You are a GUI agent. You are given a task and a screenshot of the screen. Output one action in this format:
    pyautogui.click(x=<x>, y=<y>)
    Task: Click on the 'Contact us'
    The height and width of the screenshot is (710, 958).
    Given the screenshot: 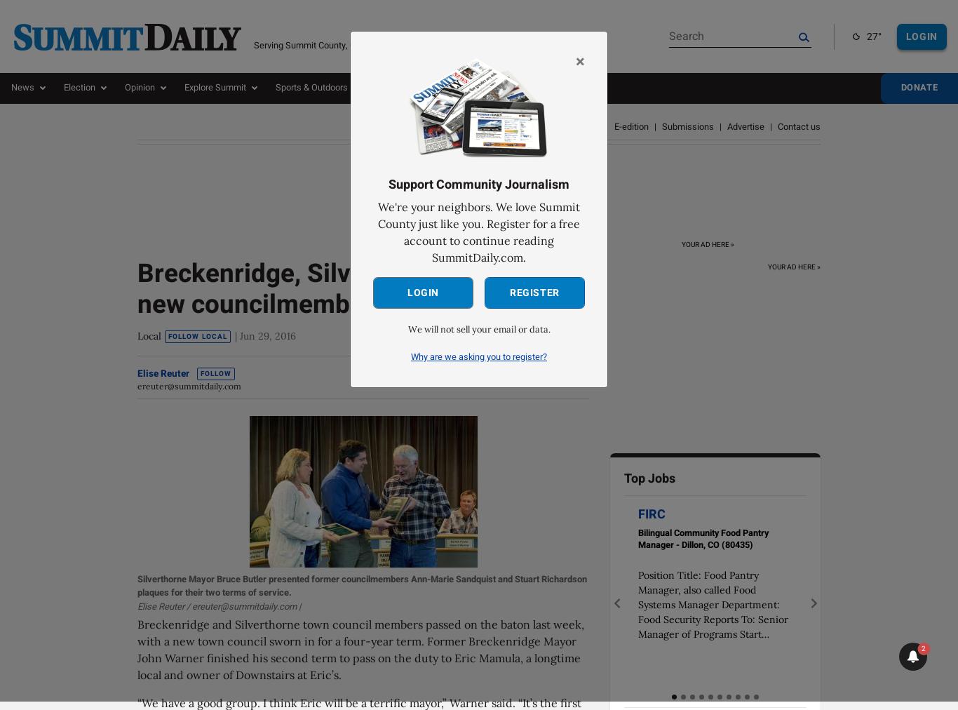 What is the action you would take?
    pyautogui.click(x=799, y=126)
    